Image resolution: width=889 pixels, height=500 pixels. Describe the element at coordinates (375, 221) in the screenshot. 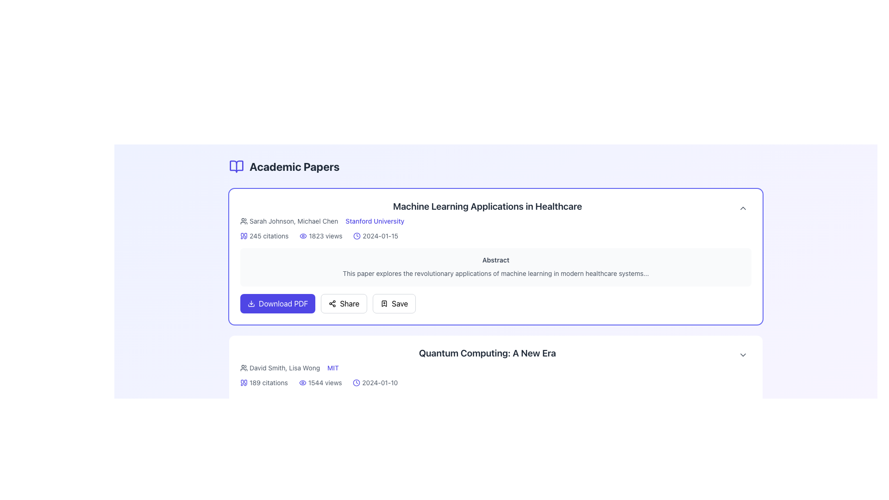

I see `the text label reading 'Stanford University', which is styled in a distinct indigo font and positioned under the 'Academic Papers' section, to read the text` at that location.